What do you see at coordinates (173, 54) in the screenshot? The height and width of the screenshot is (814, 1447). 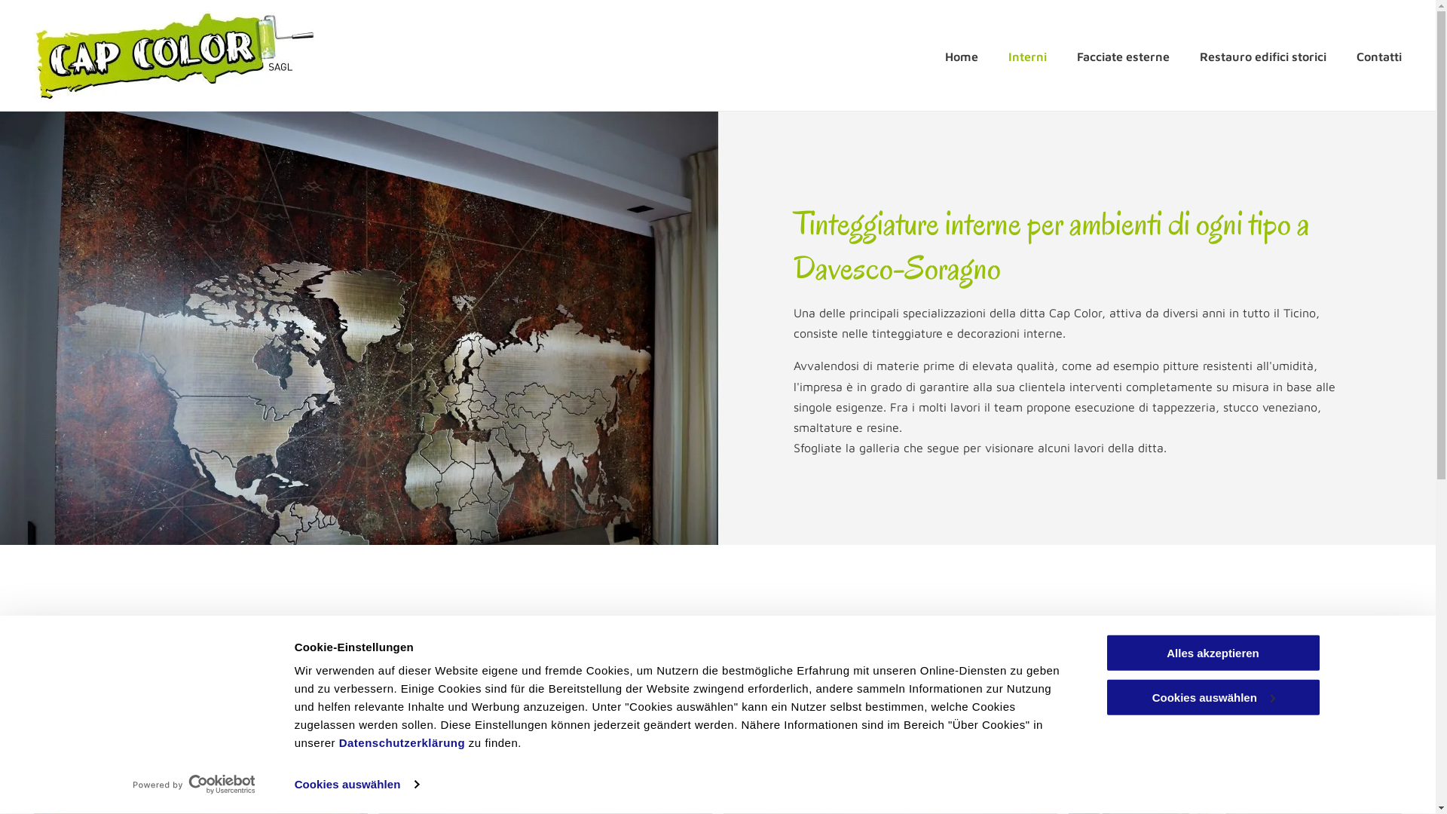 I see `'Cap Color'` at bounding box center [173, 54].